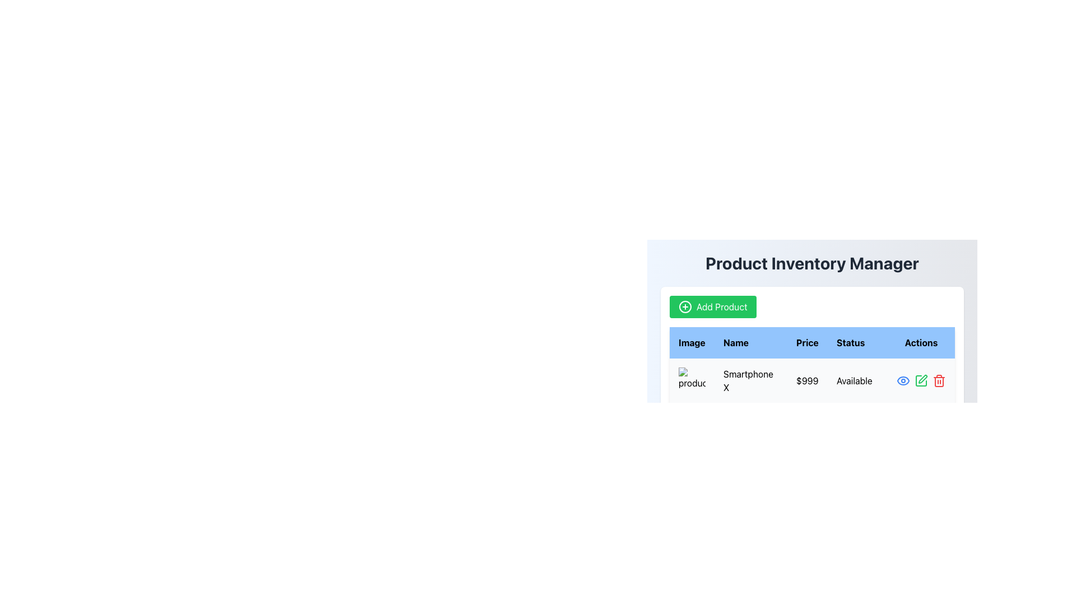  I want to click on text from the text label displaying 'Smartphone X', which is aligned to the left in the inventory table, positioned between an image and a price listing, so click(750, 380).